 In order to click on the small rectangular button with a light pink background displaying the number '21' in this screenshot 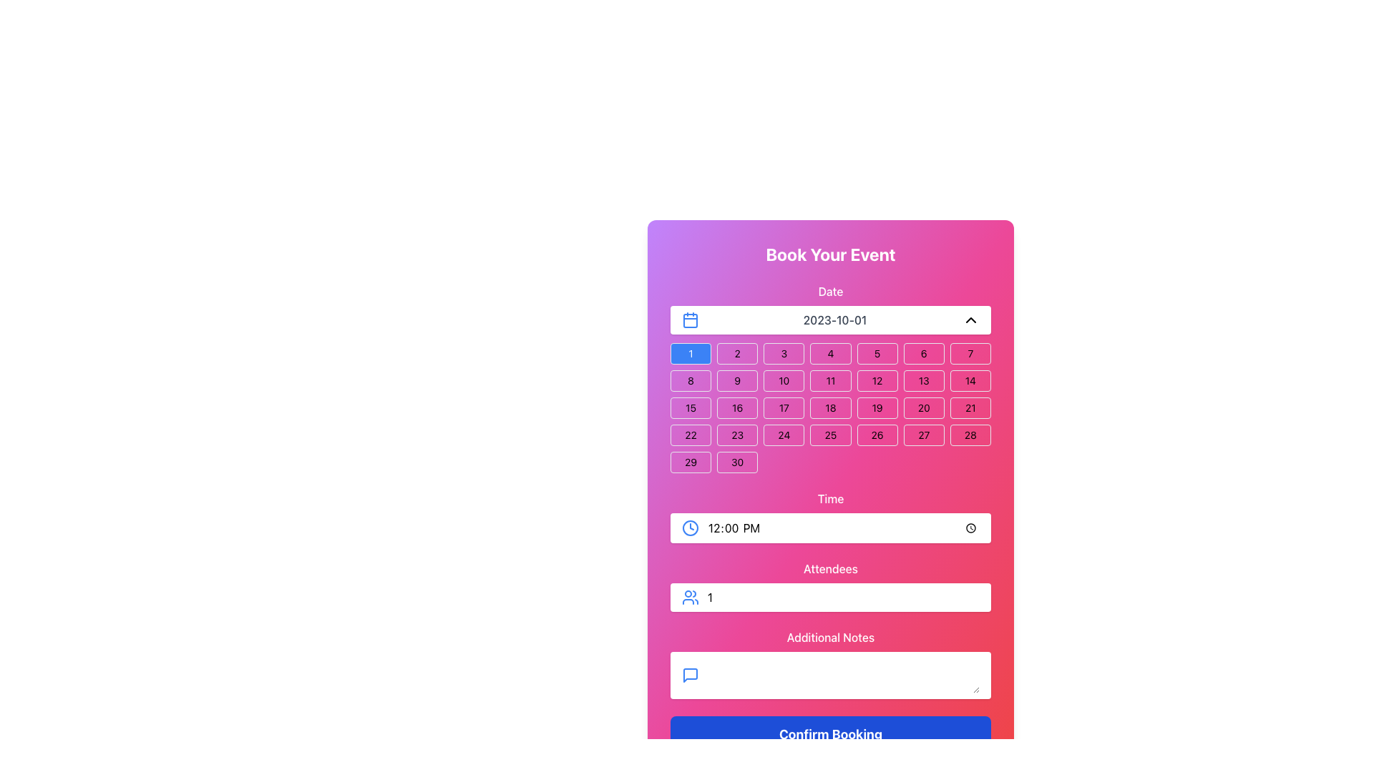, I will do `click(970, 407)`.